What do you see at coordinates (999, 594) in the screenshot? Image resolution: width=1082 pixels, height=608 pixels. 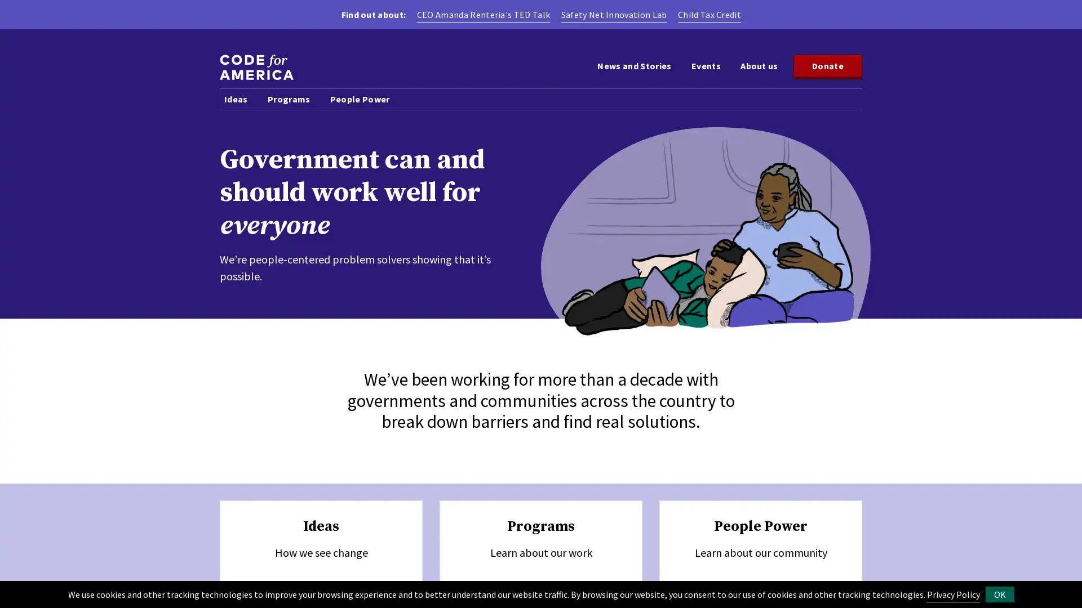 I see `OK` at bounding box center [999, 594].